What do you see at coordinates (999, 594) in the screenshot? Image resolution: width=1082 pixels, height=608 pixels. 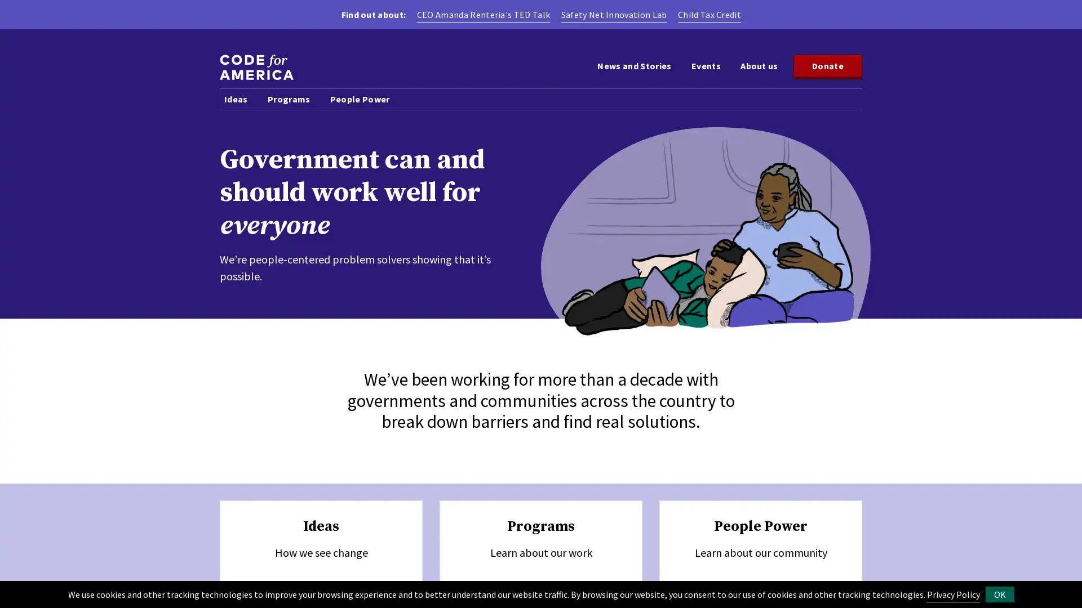 I see `OK` at bounding box center [999, 594].